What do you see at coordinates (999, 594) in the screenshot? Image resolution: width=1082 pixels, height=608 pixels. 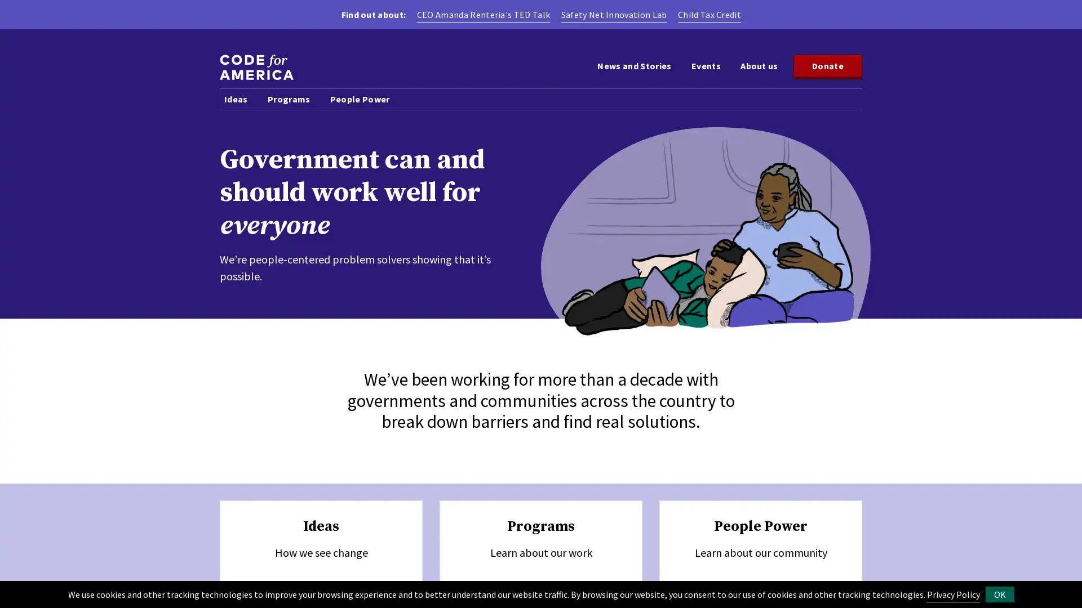 I see `OK` at bounding box center [999, 594].